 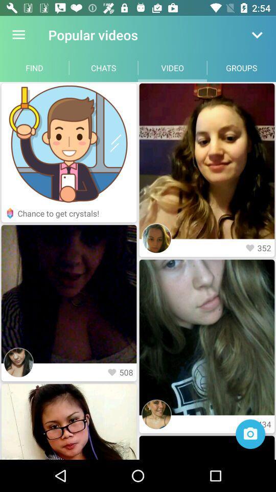 What do you see at coordinates (18, 35) in the screenshot?
I see `the item above the find icon` at bounding box center [18, 35].